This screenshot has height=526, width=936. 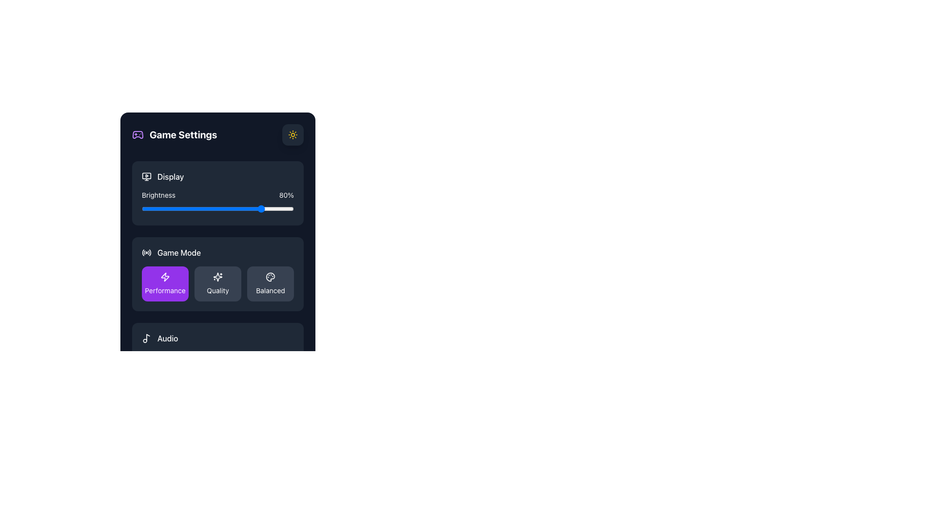 What do you see at coordinates (292, 135) in the screenshot?
I see `the button` at bounding box center [292, 135].